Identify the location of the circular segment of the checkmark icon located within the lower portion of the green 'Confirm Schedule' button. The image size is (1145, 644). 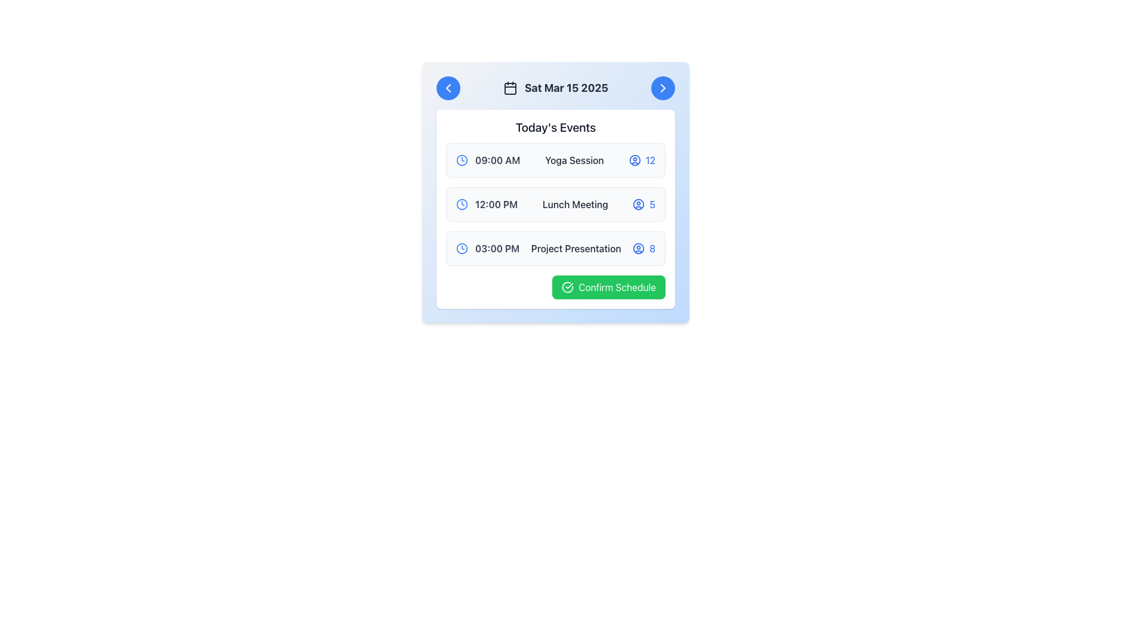
(567, 287).